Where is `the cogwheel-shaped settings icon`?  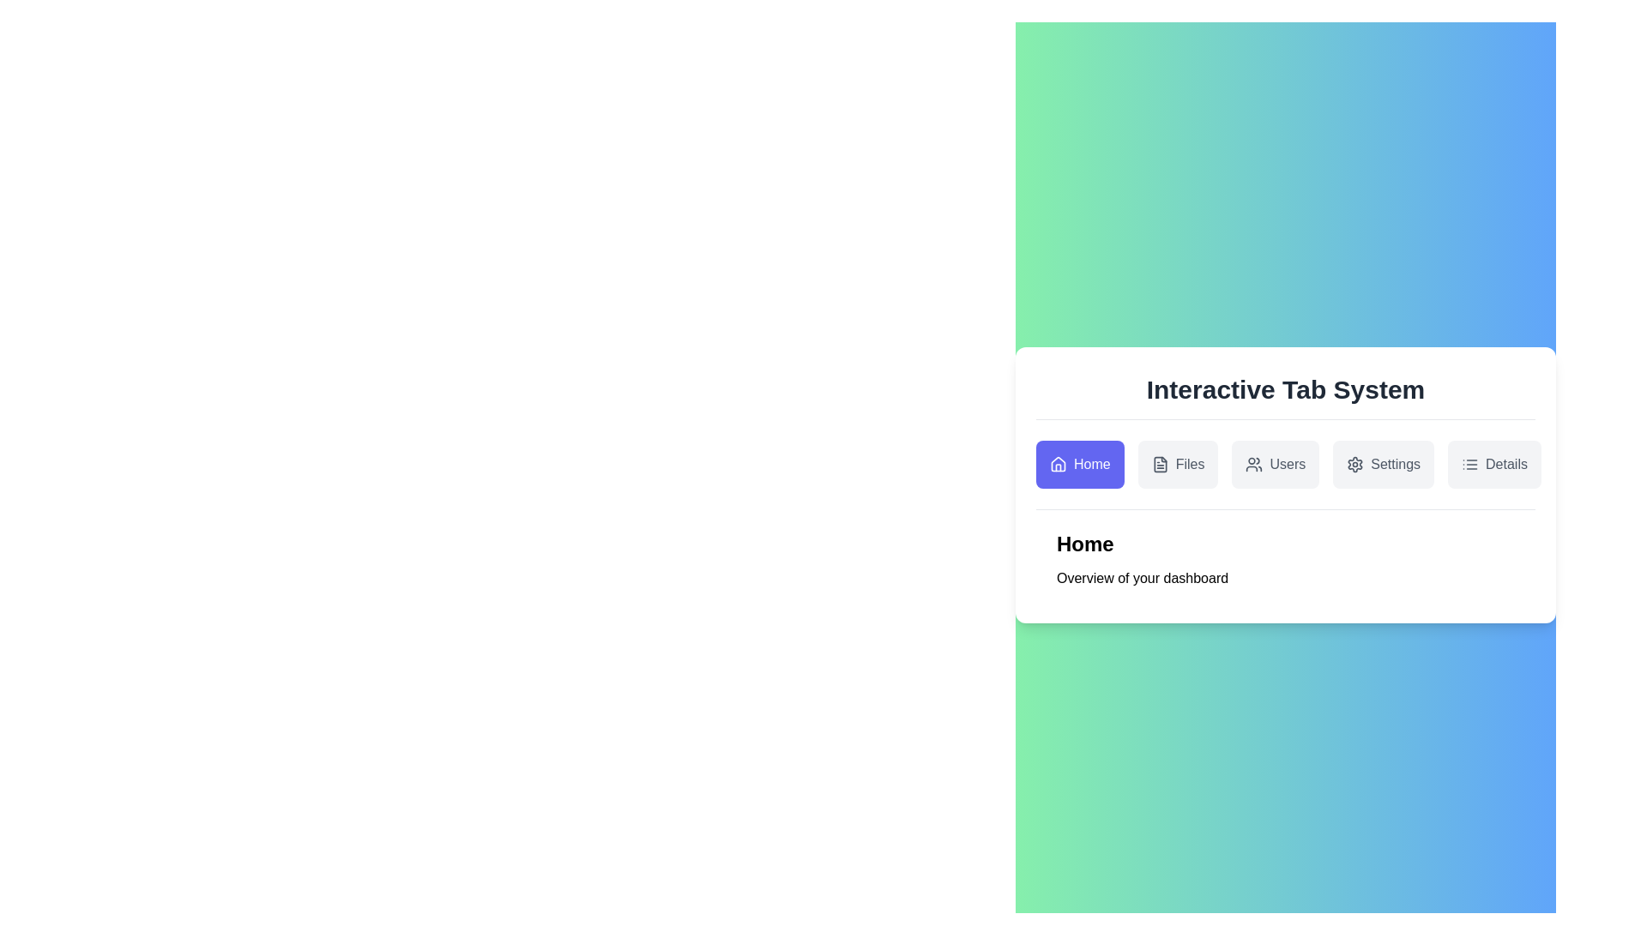 the cogwheel-shaped settings icon is located at coordinates (1354, 465).